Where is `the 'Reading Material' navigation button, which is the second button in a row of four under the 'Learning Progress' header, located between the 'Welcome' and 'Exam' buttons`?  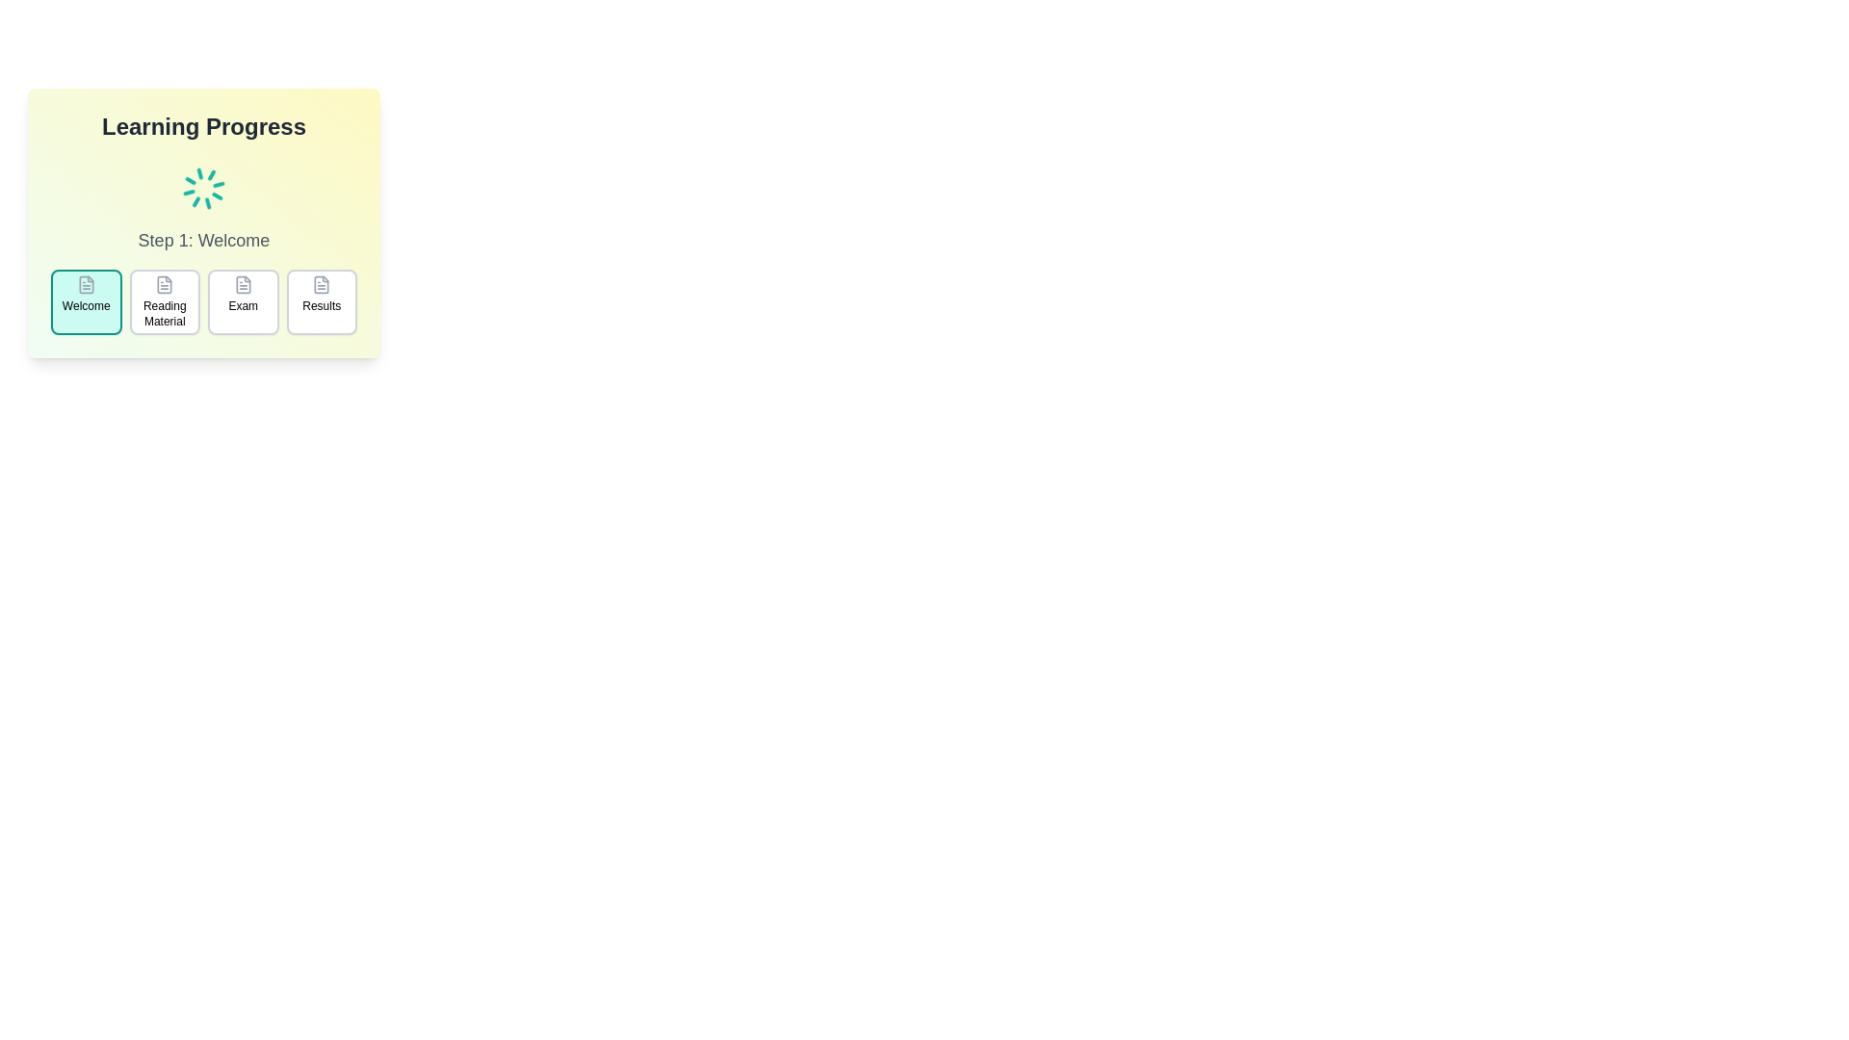
the 'Reading Material' navigation button, which is the second button in a row of four under the 'Learning Progress' header, located between the 'Welcome' and 'Exam' buttons is located at coordinates (165, 313).